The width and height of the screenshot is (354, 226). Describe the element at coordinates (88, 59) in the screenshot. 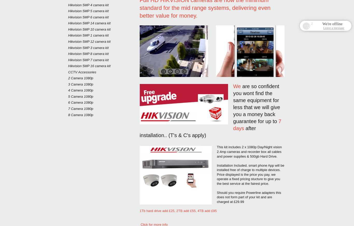

I see `'Hikvision 5MP 7 camera kit'` at that location.